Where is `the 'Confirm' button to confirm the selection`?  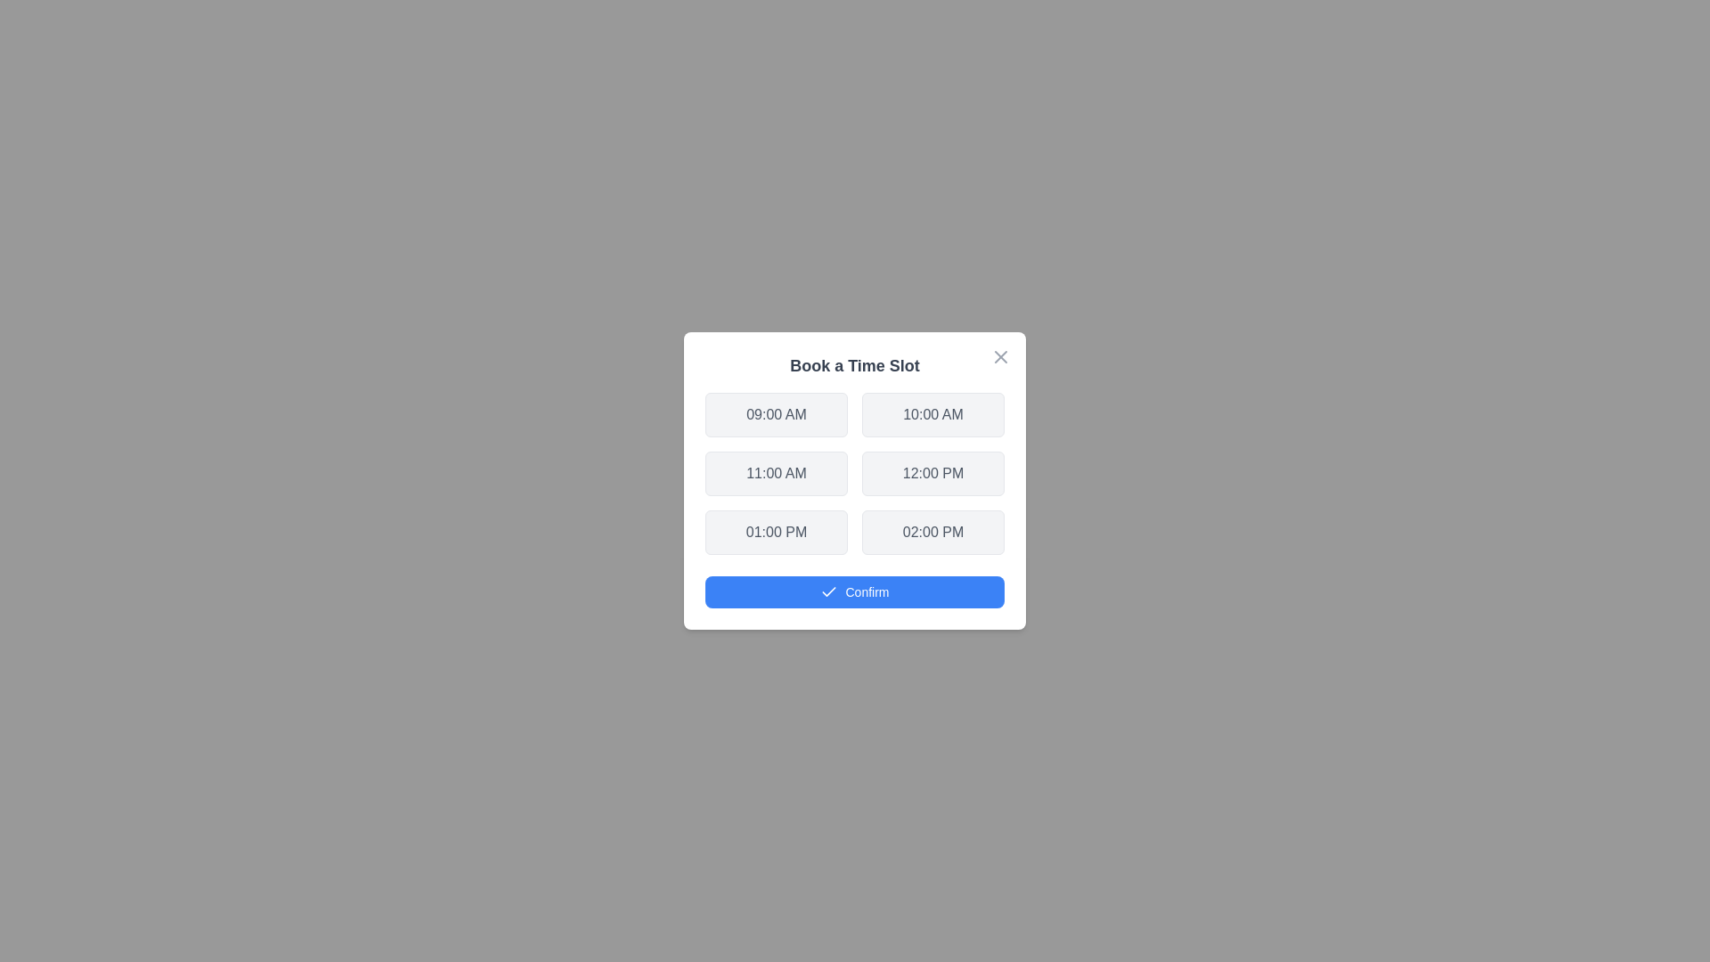
the 'Confirm' button to confirm the selection is located at coordinates (855, 591).